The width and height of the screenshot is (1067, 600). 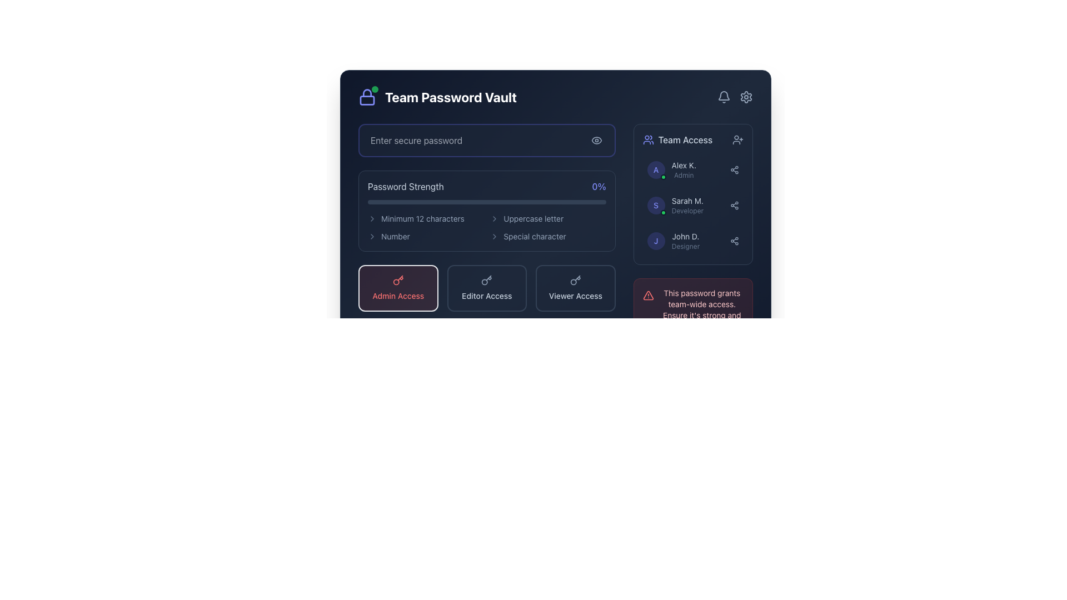 What do you see at coordinates (599, 186) in the screenshot?
I see `the displayed text of the static label indicating the current password strength percentage, which shows '0%'` at bounding box center [599, 186].